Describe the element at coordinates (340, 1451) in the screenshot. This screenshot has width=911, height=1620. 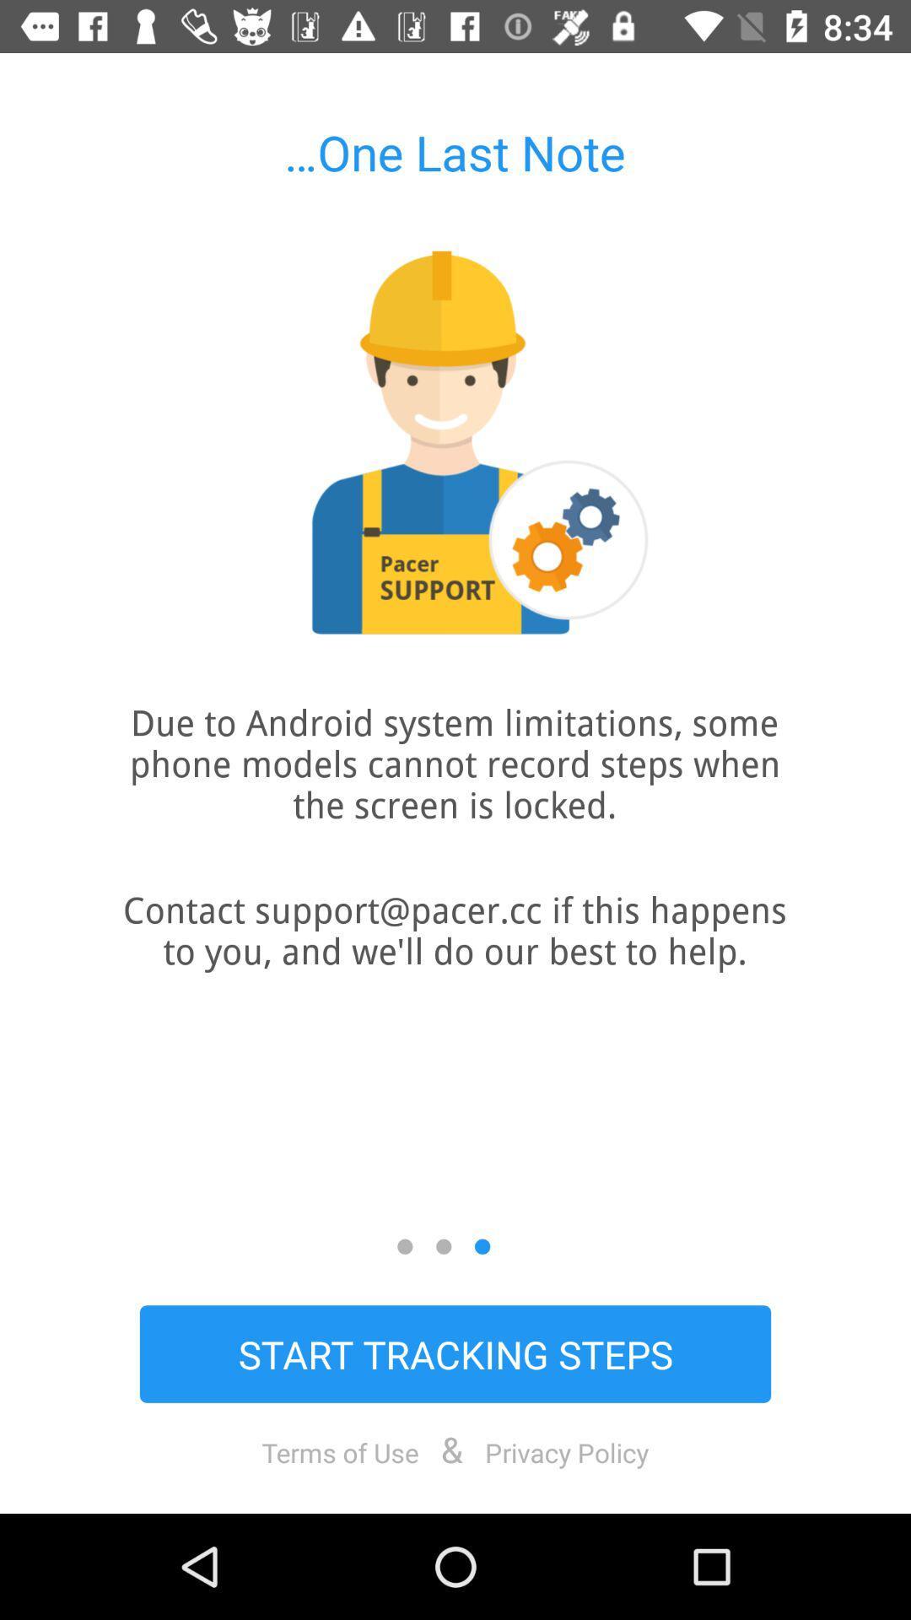
I see `terms of use icon` at that location.